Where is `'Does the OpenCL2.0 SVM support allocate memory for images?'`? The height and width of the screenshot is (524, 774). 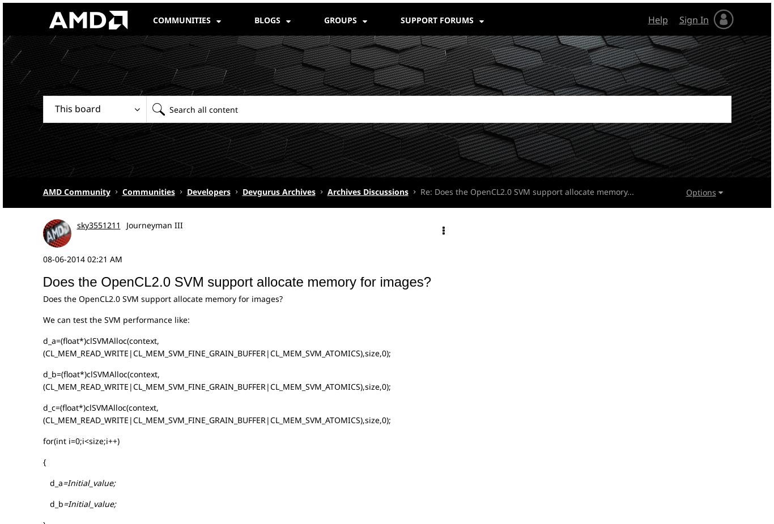 'Does the OpenCL2.0 SVM support allocate memory for images?' is located at coordinates (162, 298).